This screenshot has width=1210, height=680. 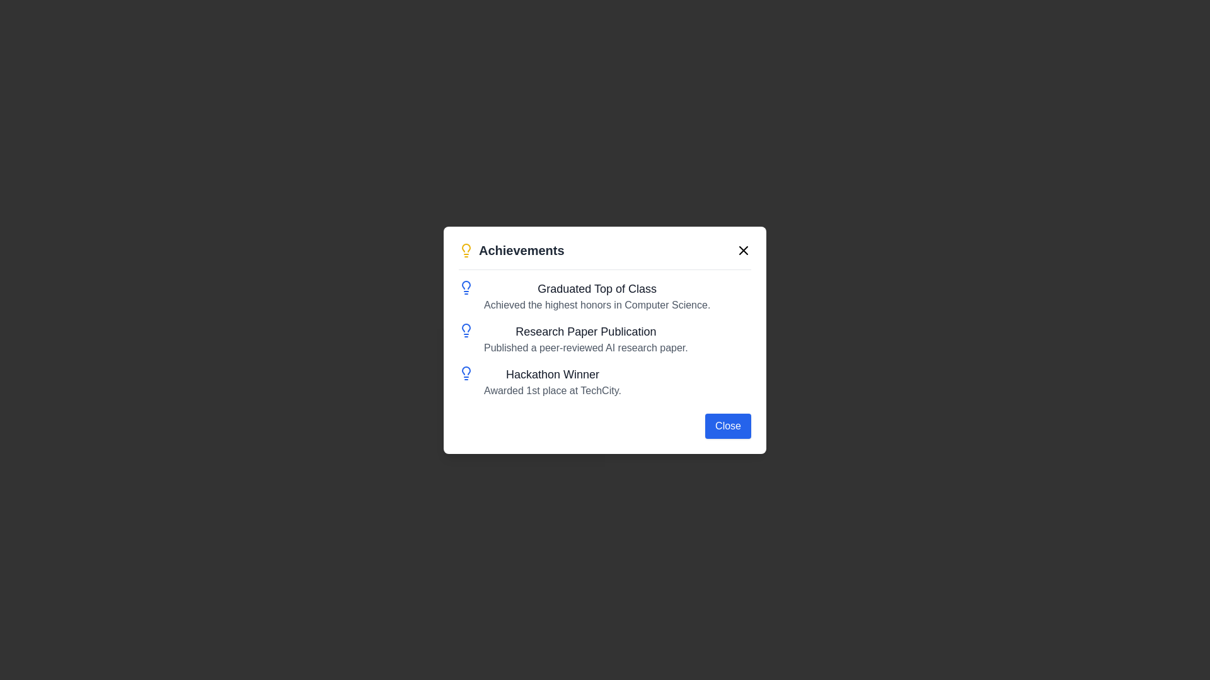 I want to click on the first lightbulb icon in the left column of icons within the achievements dialog, which visually indicates the type of entry for 'Graduated Top of Class', so click(x=465, y=327).